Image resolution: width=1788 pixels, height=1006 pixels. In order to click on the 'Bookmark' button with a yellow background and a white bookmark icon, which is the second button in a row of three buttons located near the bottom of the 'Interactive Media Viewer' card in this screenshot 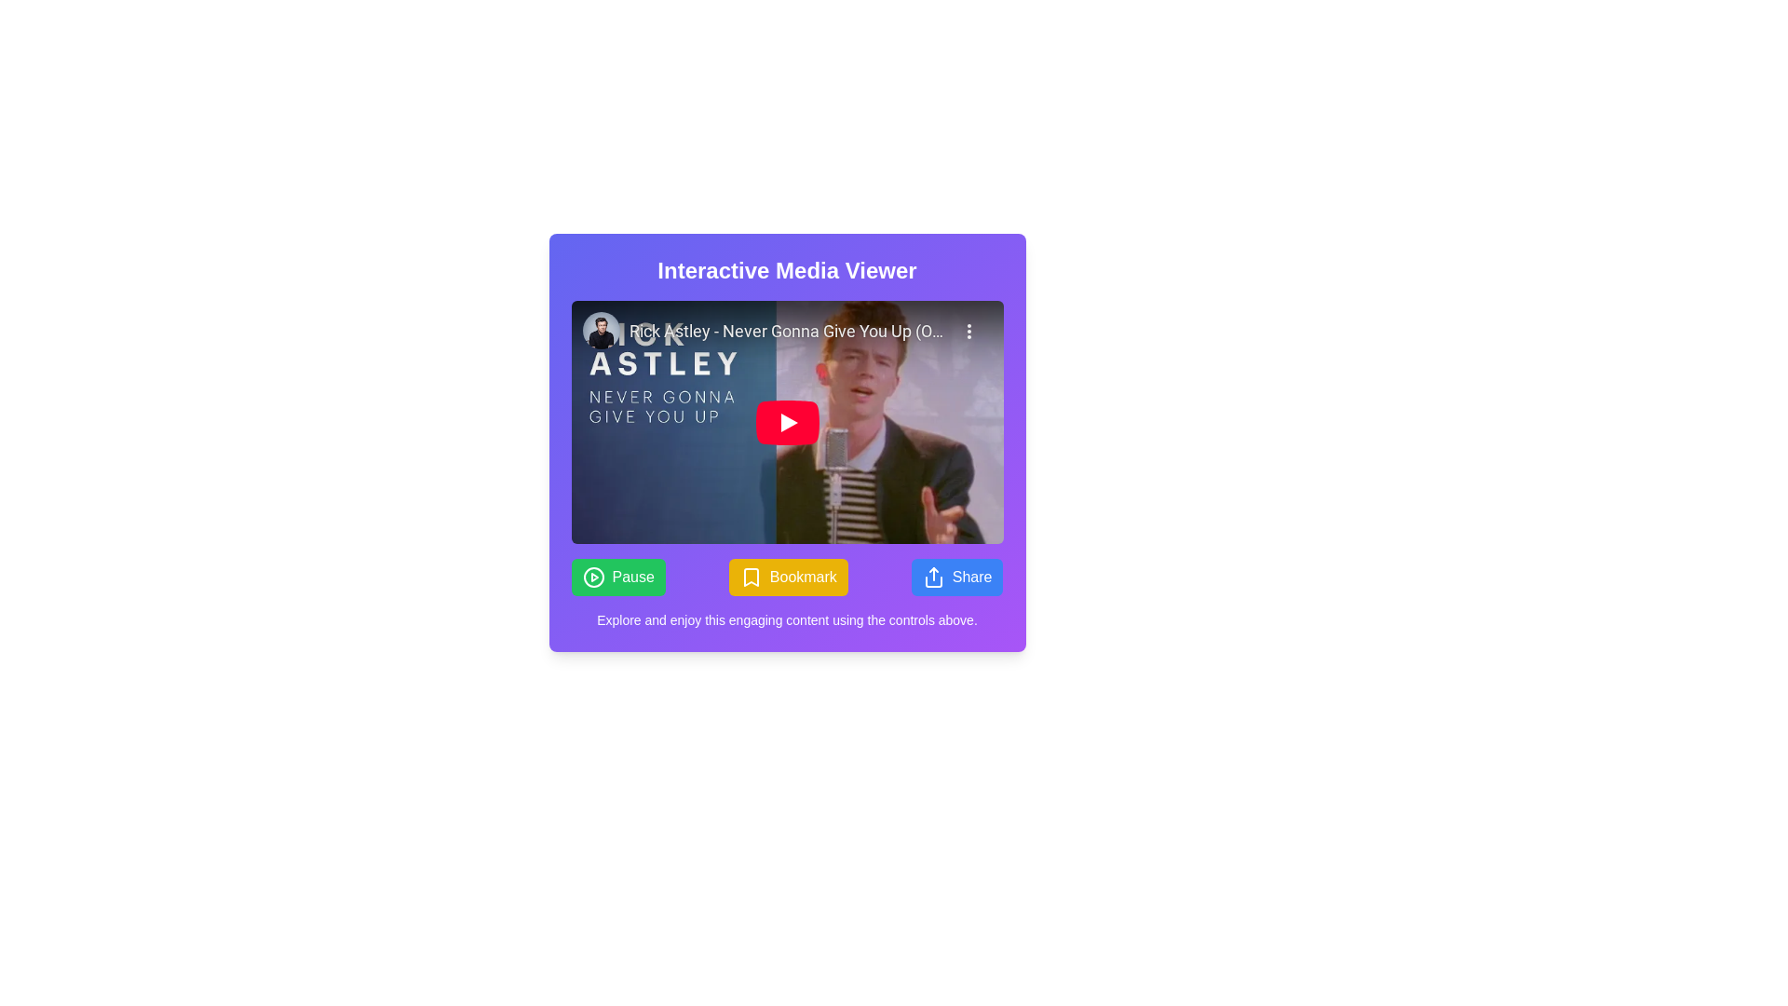, I will do `click(787, 577)`.